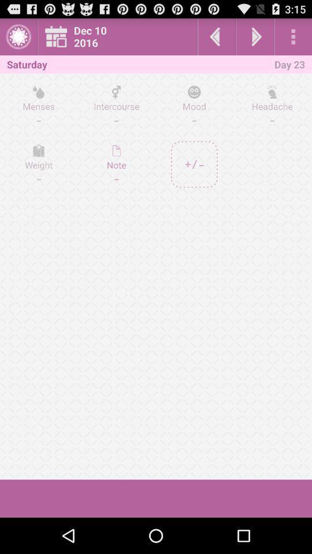 This screenshot has height=554, width=312. Describe the element at coordinates (272, 106) in the screenshot. I see `item next to the mood` at that location.